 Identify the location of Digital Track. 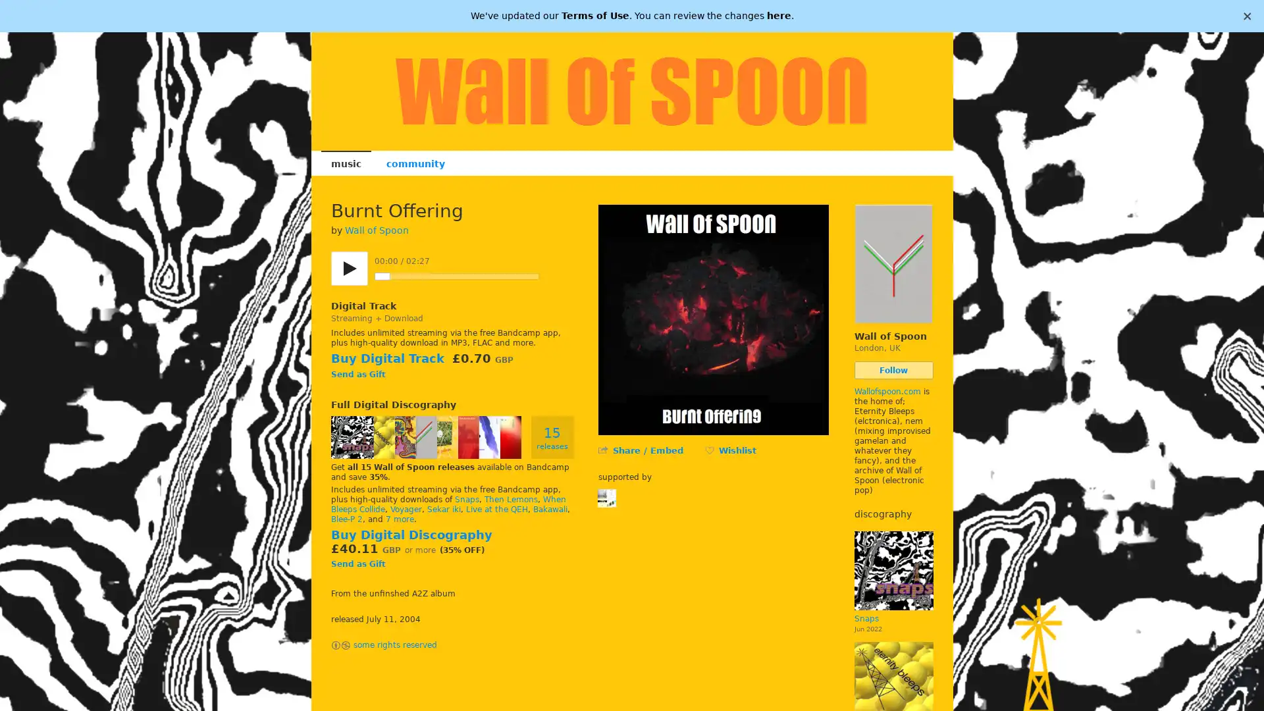
(363, 306).